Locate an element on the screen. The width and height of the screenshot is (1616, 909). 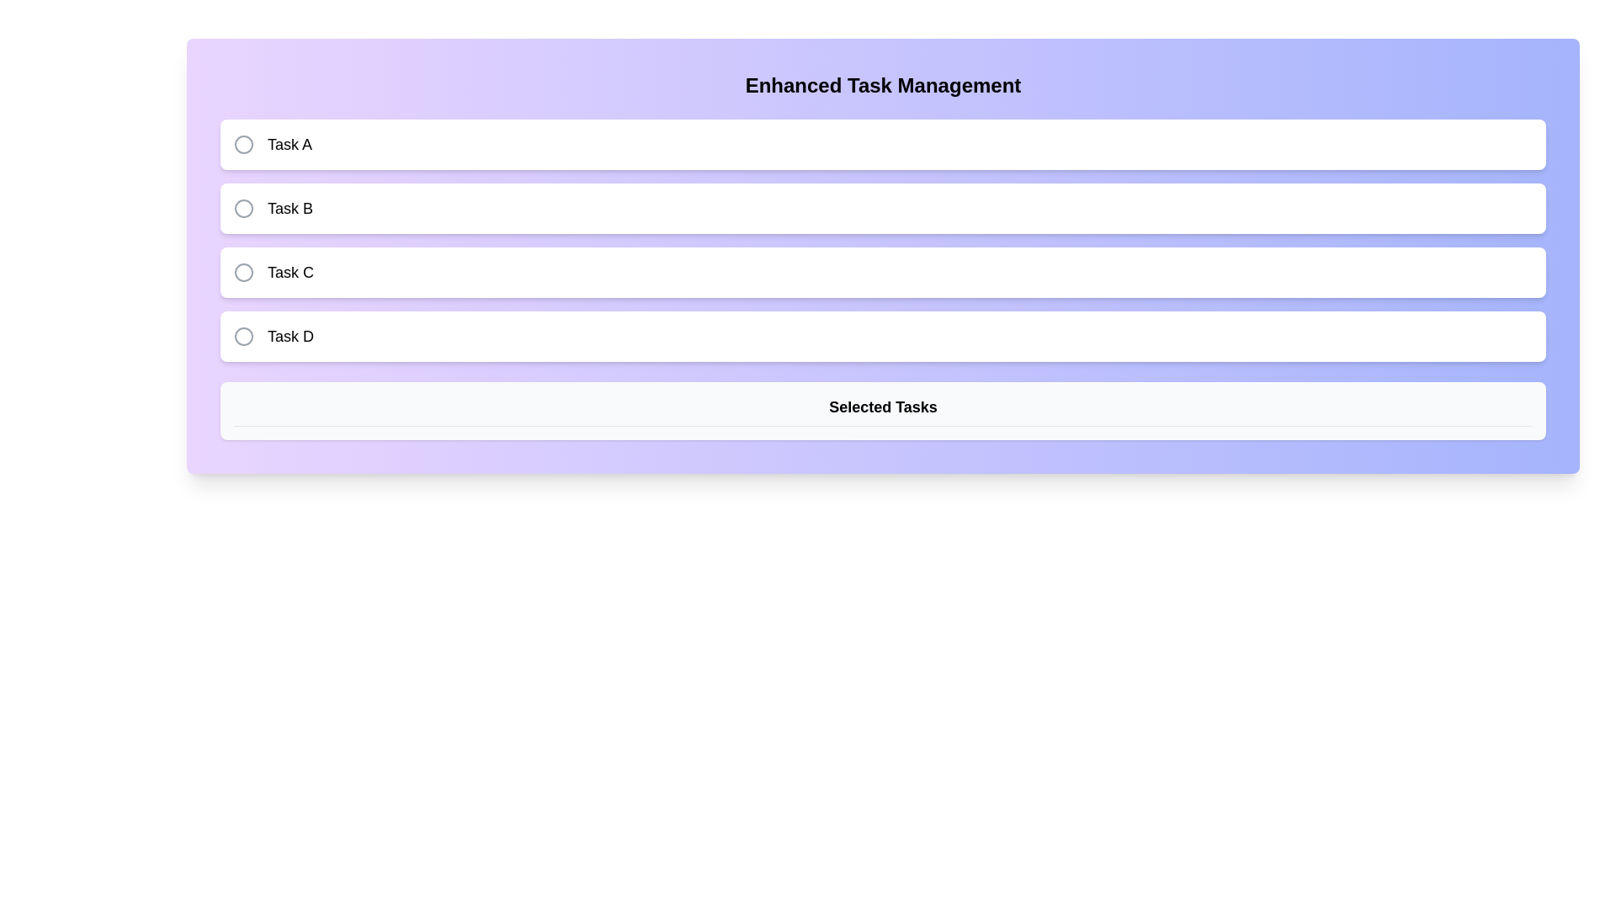
the checkable circle radio button associated with 'Task B' for interactivity feedback is located at coordinates (242, 207).